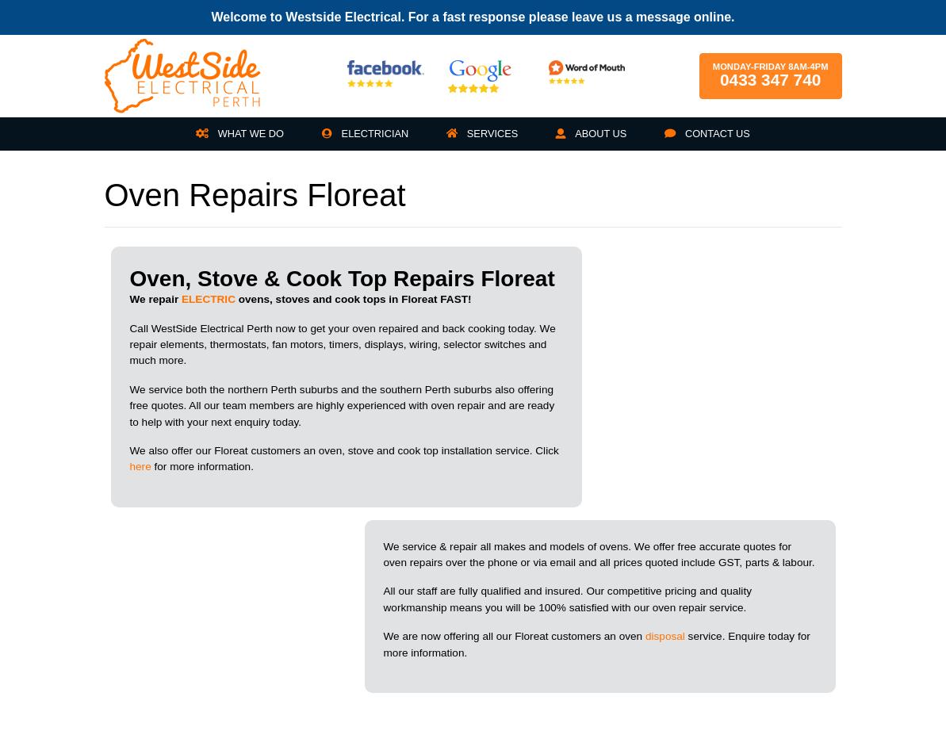  Describe the element at coordinates (343, 449) in the screenshot. I see `'We also offer our Floreat customers an oven, stove and cook top installation service. Click'` at that location.